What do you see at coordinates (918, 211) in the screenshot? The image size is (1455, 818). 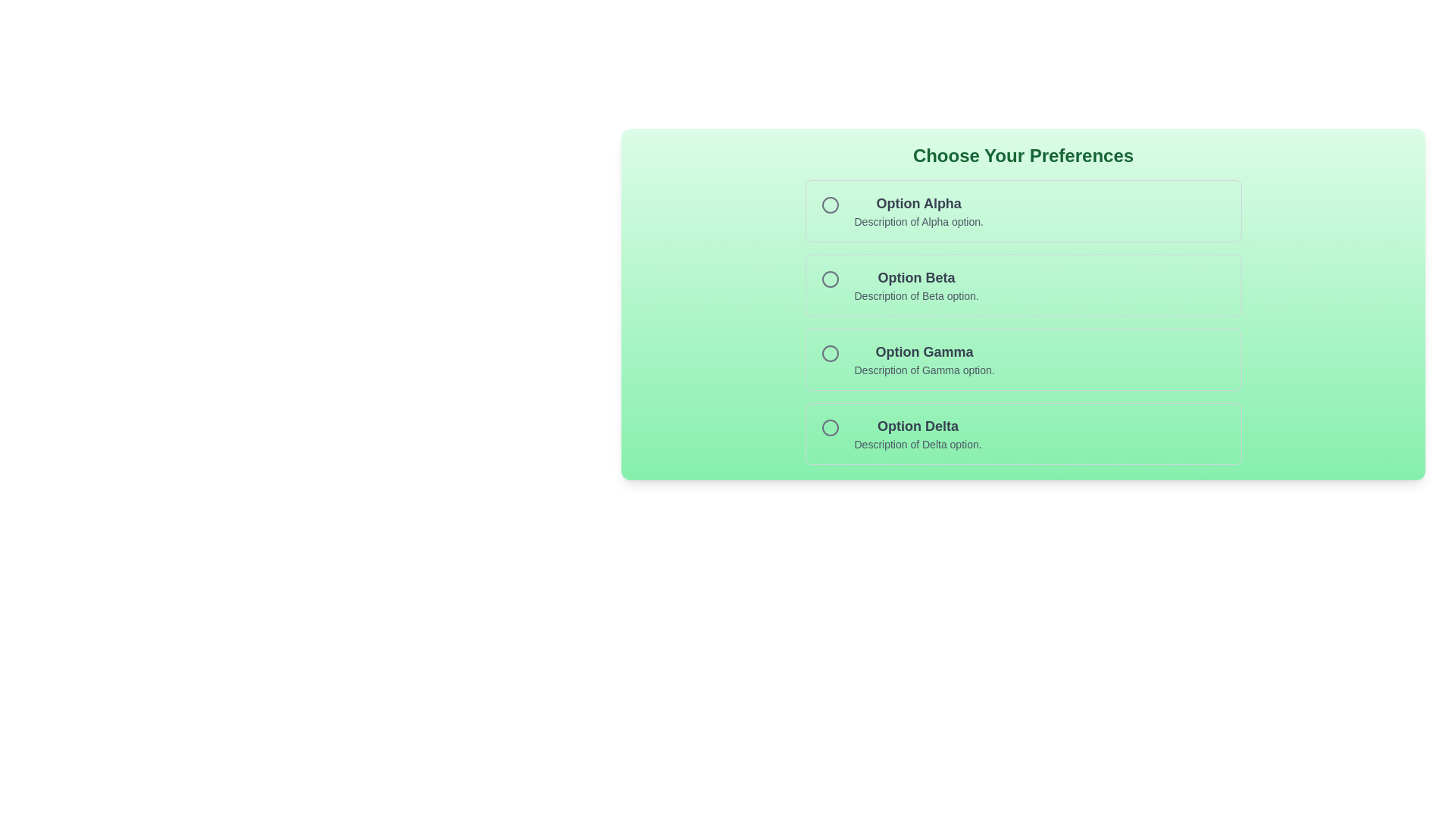 I see `the 'Option Alpha' label` at bounding box center [918, 211].